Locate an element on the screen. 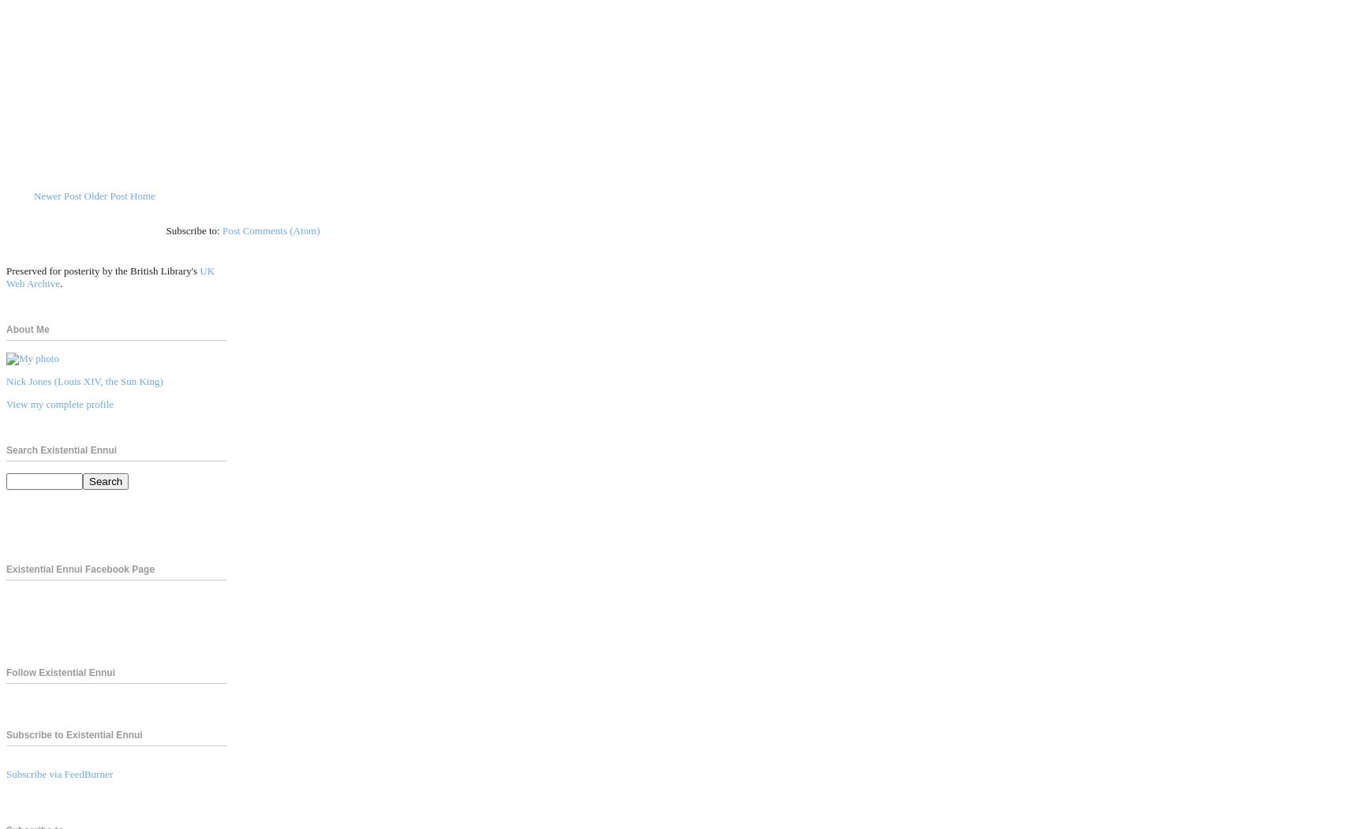 The width and height of the screenshot is (1350, 829). 'Follow Existential Ennui' is located at coordinates (59, 671).